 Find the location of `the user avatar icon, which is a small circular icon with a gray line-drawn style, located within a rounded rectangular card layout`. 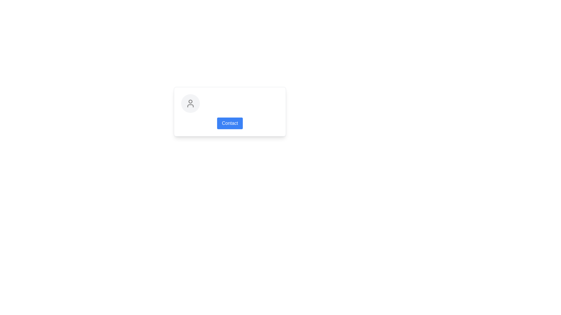

the user avatar icon, which is a small circular icon with a gray line-drawn style, located within a rounded rectangular card layout is located at coordinates (191, 103).